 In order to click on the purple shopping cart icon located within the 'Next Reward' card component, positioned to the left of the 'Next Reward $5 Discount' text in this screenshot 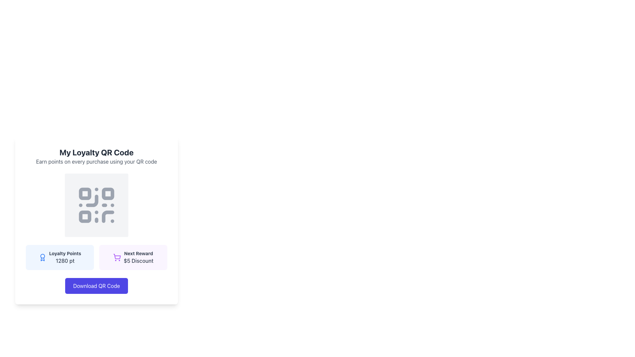, I will do `click(117, 257)`.